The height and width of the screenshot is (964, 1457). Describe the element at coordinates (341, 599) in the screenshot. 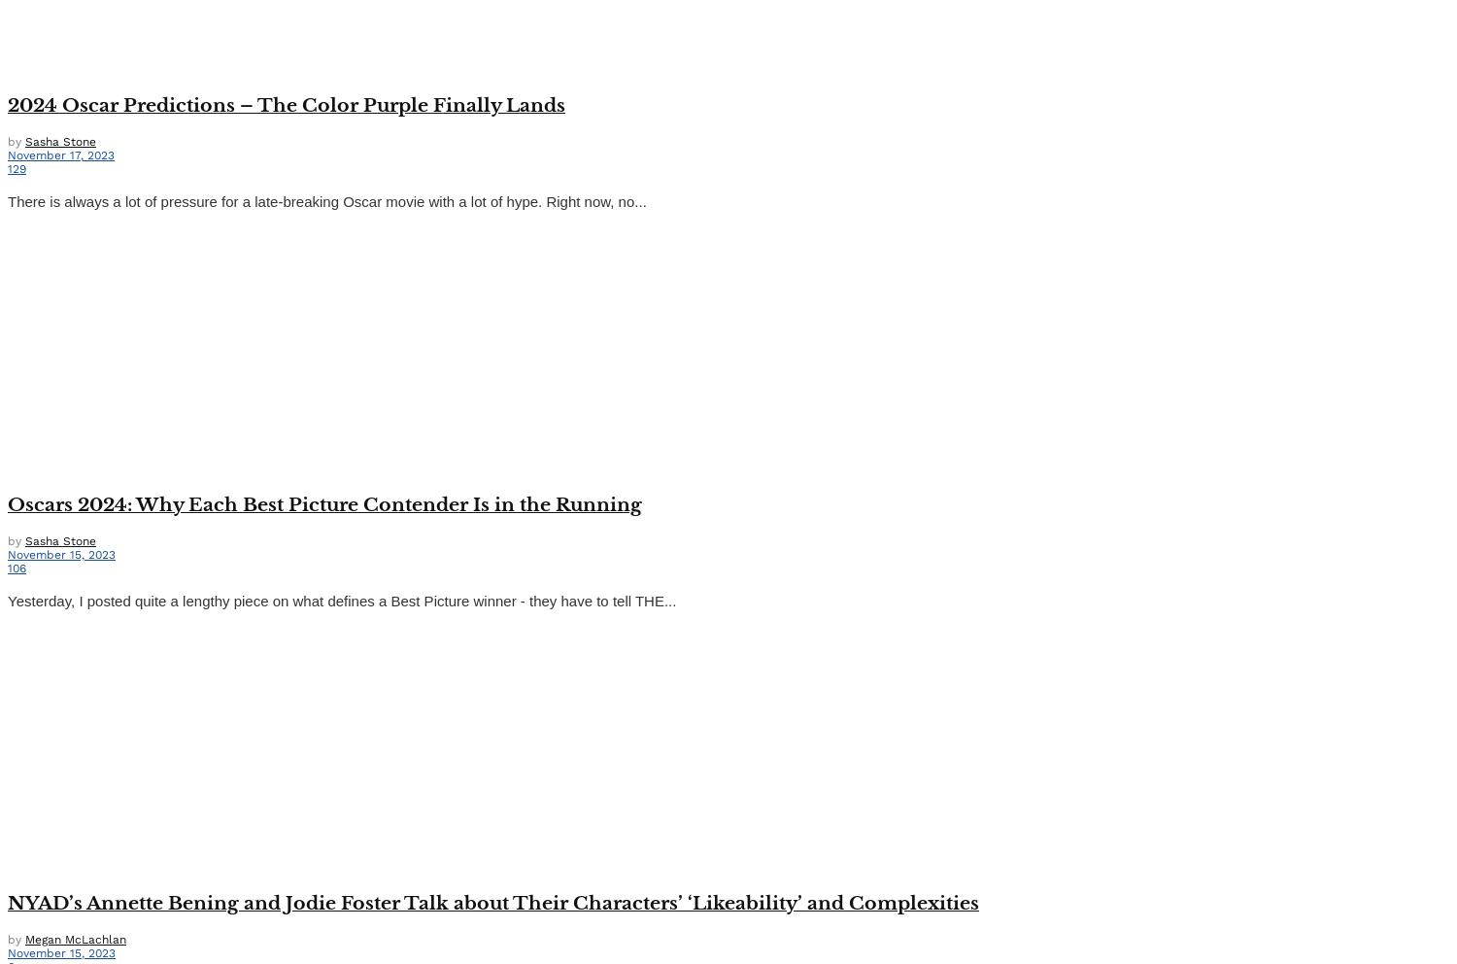

I see `'Yesterday, I posted quite a lengthy piece on what defines a Best Picture winner - they have to tell THE...'` at that location.